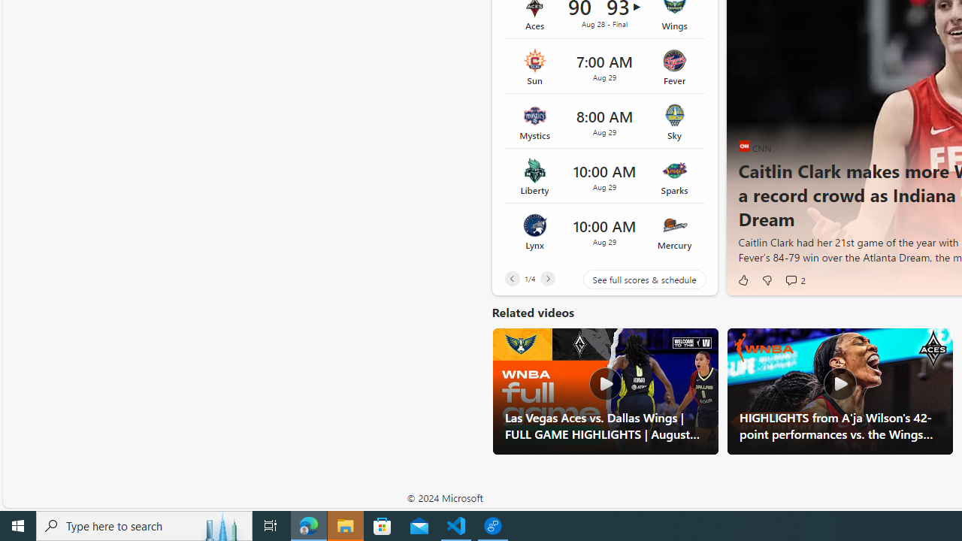  What do you see at coordinates (546, 278) in the screenshot?
I see `'Next'` at bounding box center [546, 278].